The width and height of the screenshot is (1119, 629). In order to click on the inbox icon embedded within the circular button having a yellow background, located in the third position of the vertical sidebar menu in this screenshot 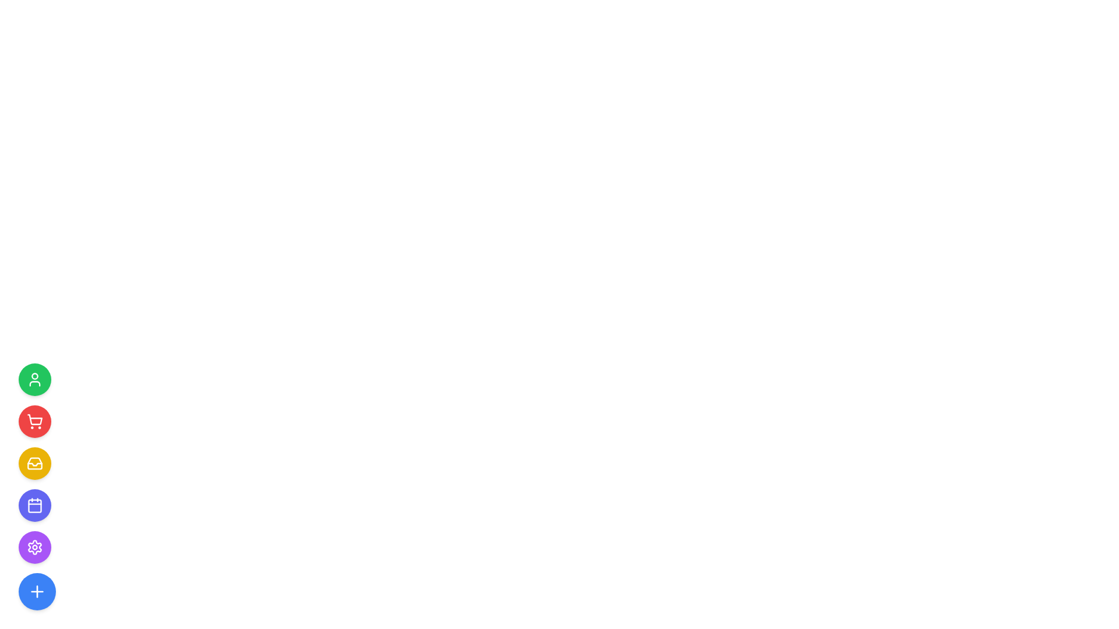, I will do `click(34, 462)`.